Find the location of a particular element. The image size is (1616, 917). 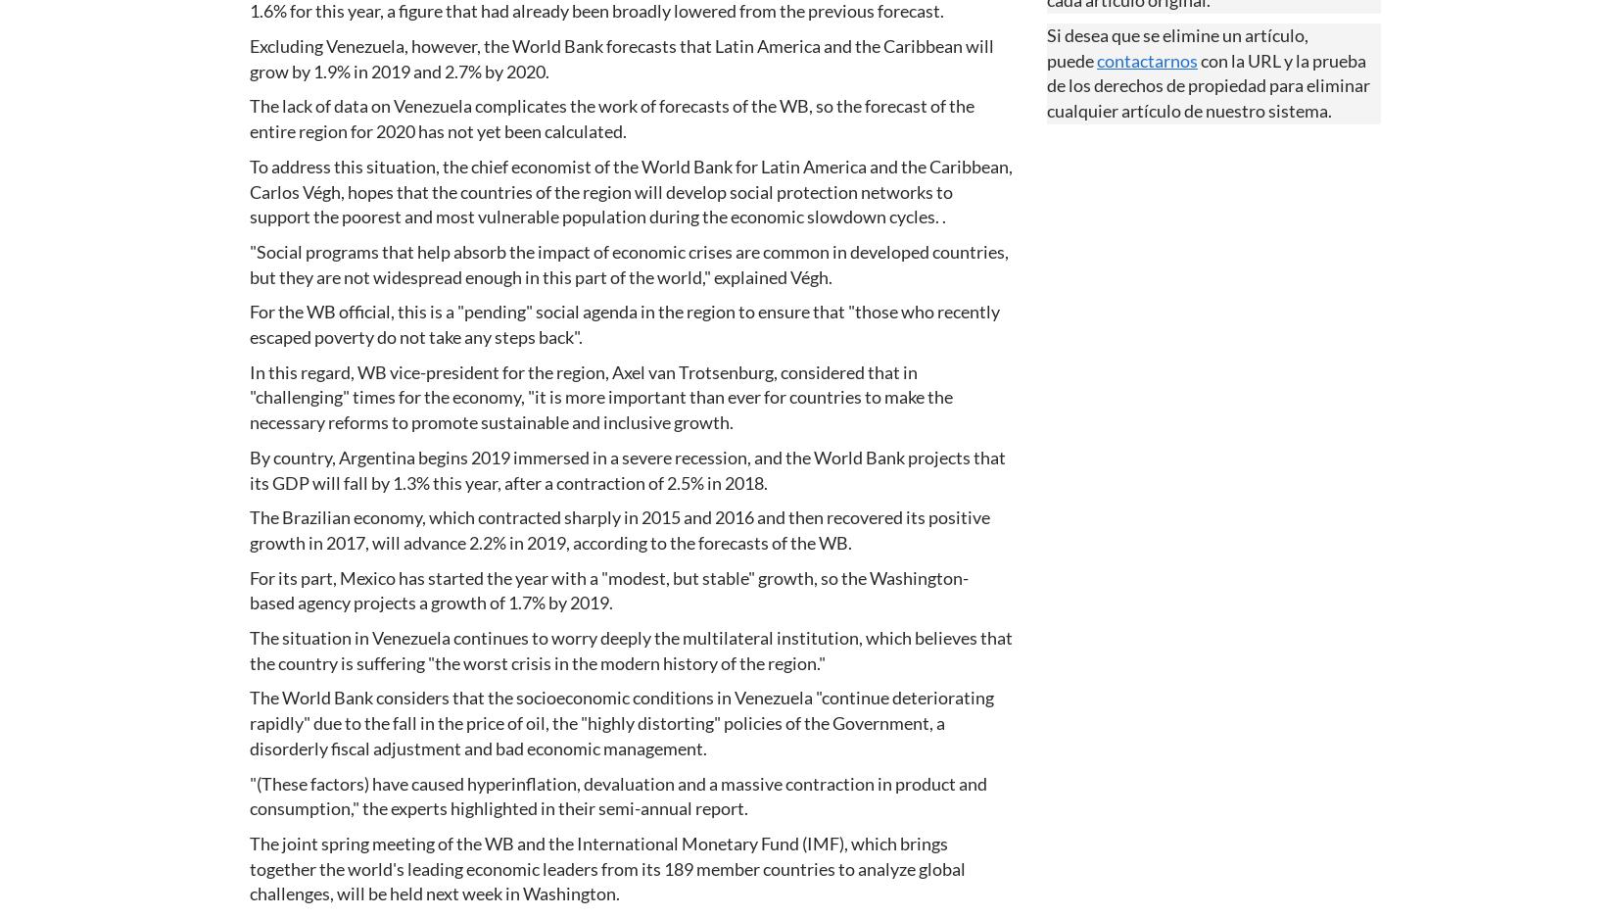

'The World Bank considers that the socioeconomic conditions in Venezuela "continue deteriorating rapidly" due to the fall in the price of oil, the "highly distorting" policies of the Government, a disorderly fiscal adjustment and bad economic management.' is located at coordinates (620, 721).